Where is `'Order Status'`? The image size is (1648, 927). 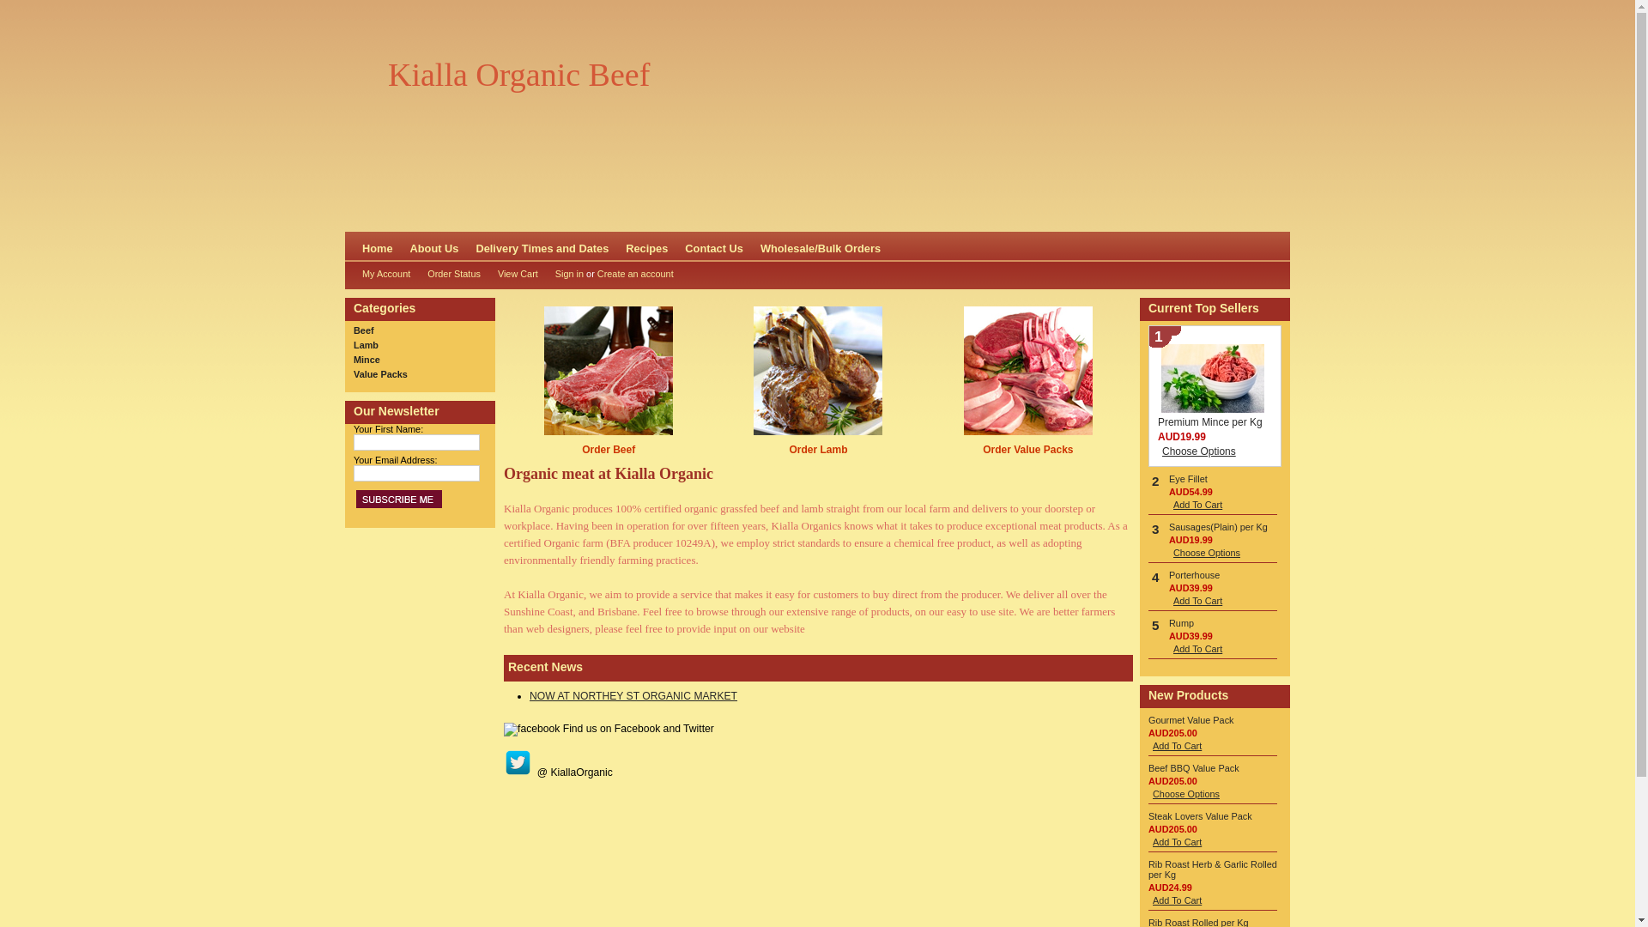
'Order Status' is located at coordinates (449, 273).